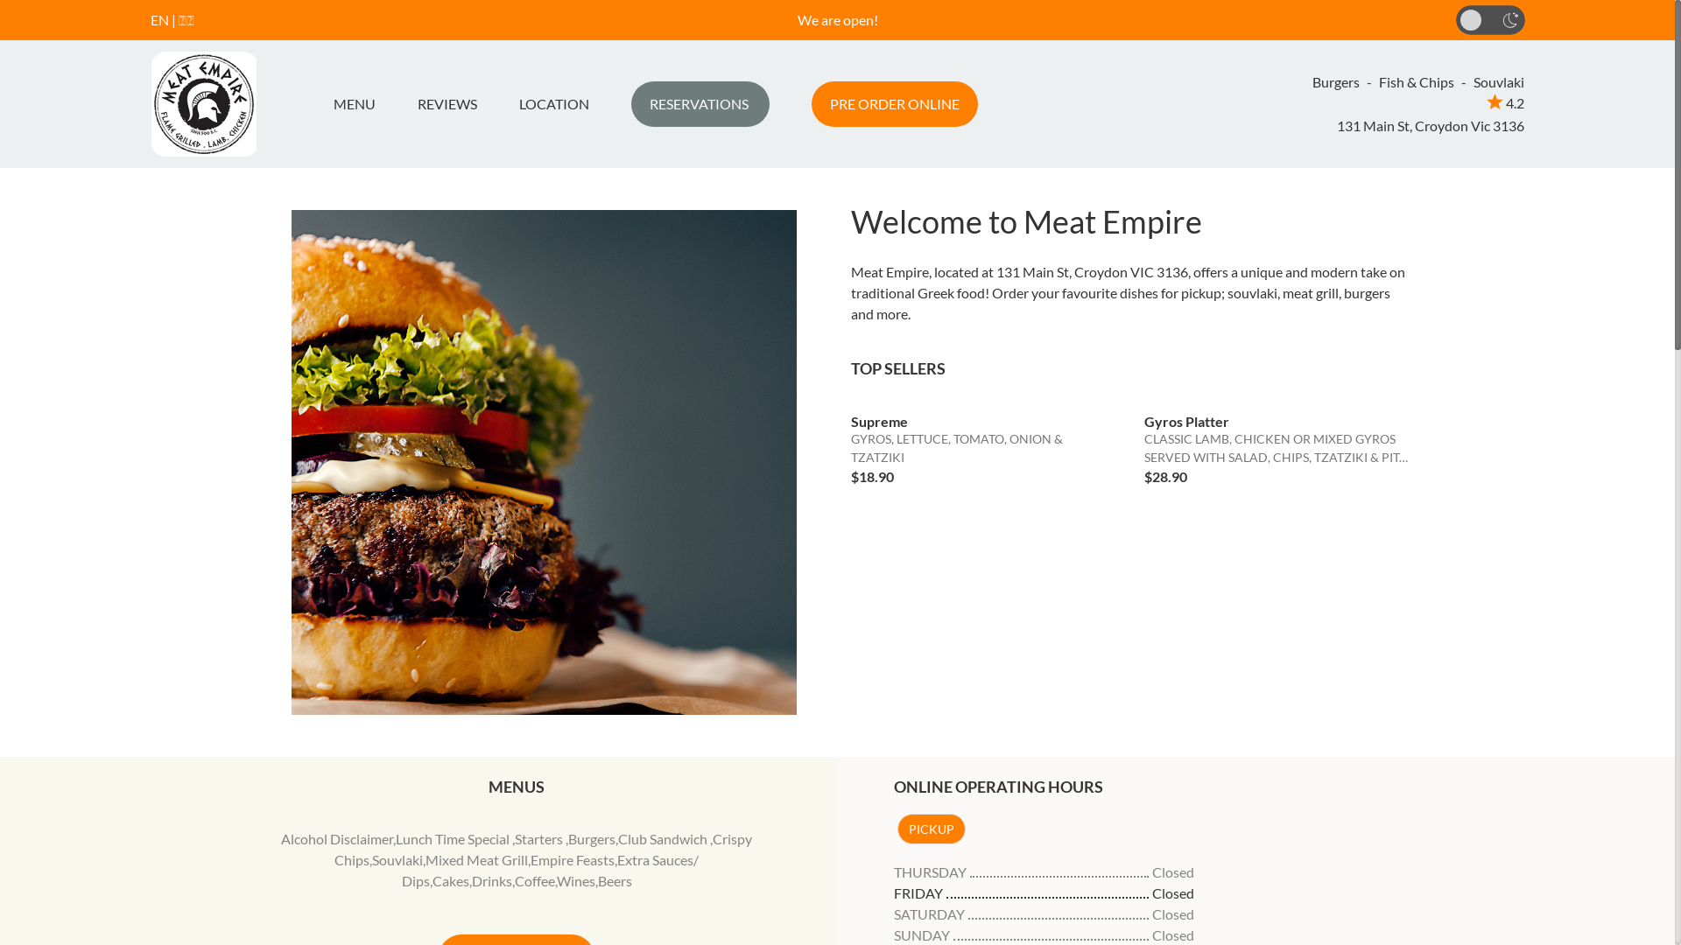 Image resolution: width=1681 pixels, height=945 pixels. I want to click on 'Supreme, so click(984, 442).